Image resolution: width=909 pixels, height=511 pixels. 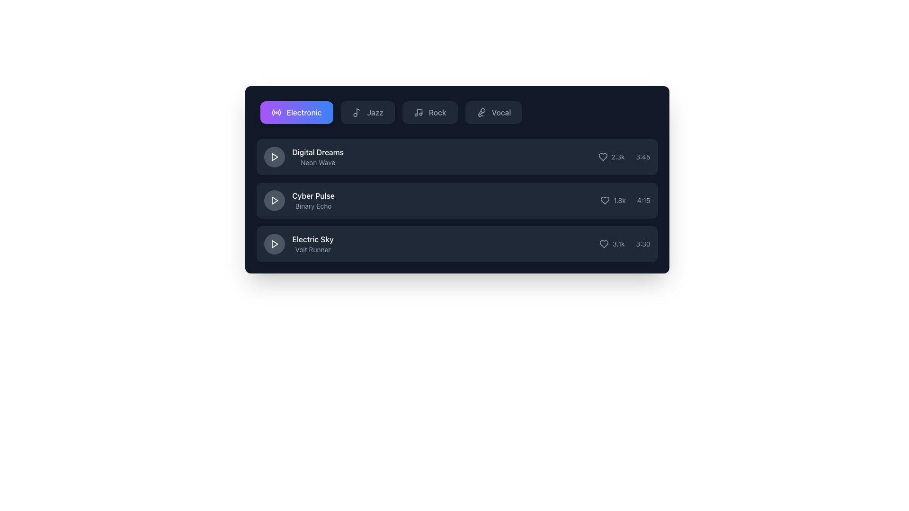 What do you see at coordinates (318, 162) in the screenshot?
I see `the subtitle text label 'Neon Wave' located directly beneath the title 'Digital Dreams' in the first row of the list-like UI structure` at bounding box center [318, 162].